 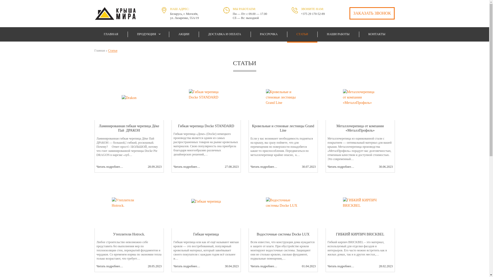 I want to click on '+375 29 170-52-89', so click(x=312, y=14).